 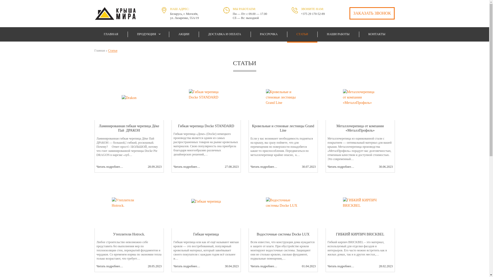 I want to click on '+375 29 170-52-89', so click(x=312, y=14).